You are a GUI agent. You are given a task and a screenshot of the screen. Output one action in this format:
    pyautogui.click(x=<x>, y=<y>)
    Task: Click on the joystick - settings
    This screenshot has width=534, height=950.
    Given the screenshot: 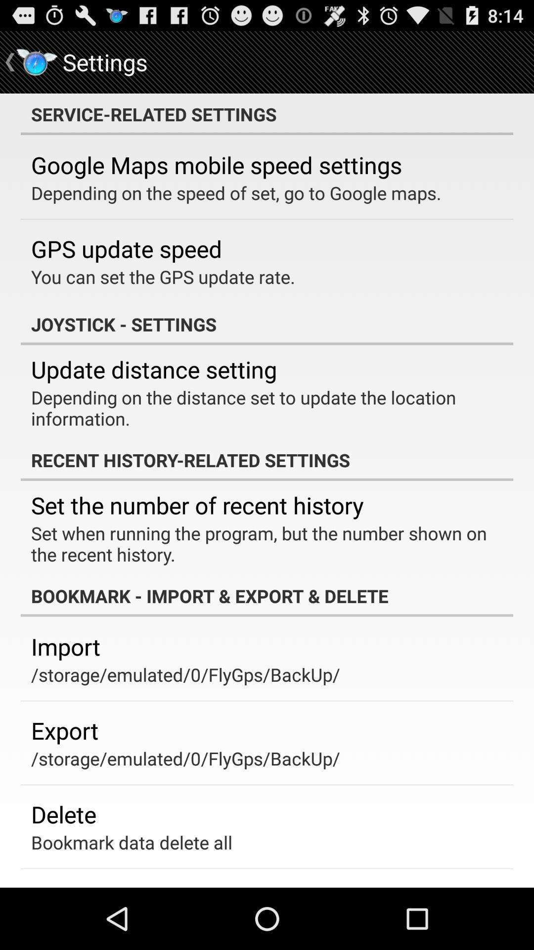 What is the action you would take?
    pyautogui.click(x=267, y=324)
    